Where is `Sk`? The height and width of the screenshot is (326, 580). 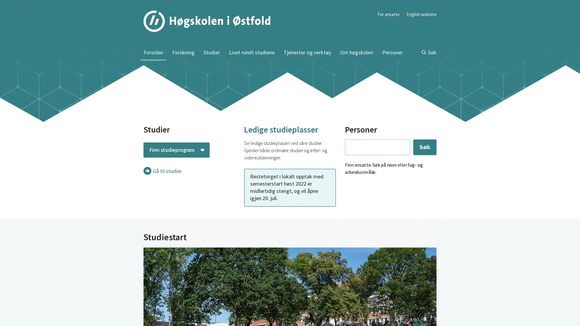
Sk is located at coordinates (367, 60).